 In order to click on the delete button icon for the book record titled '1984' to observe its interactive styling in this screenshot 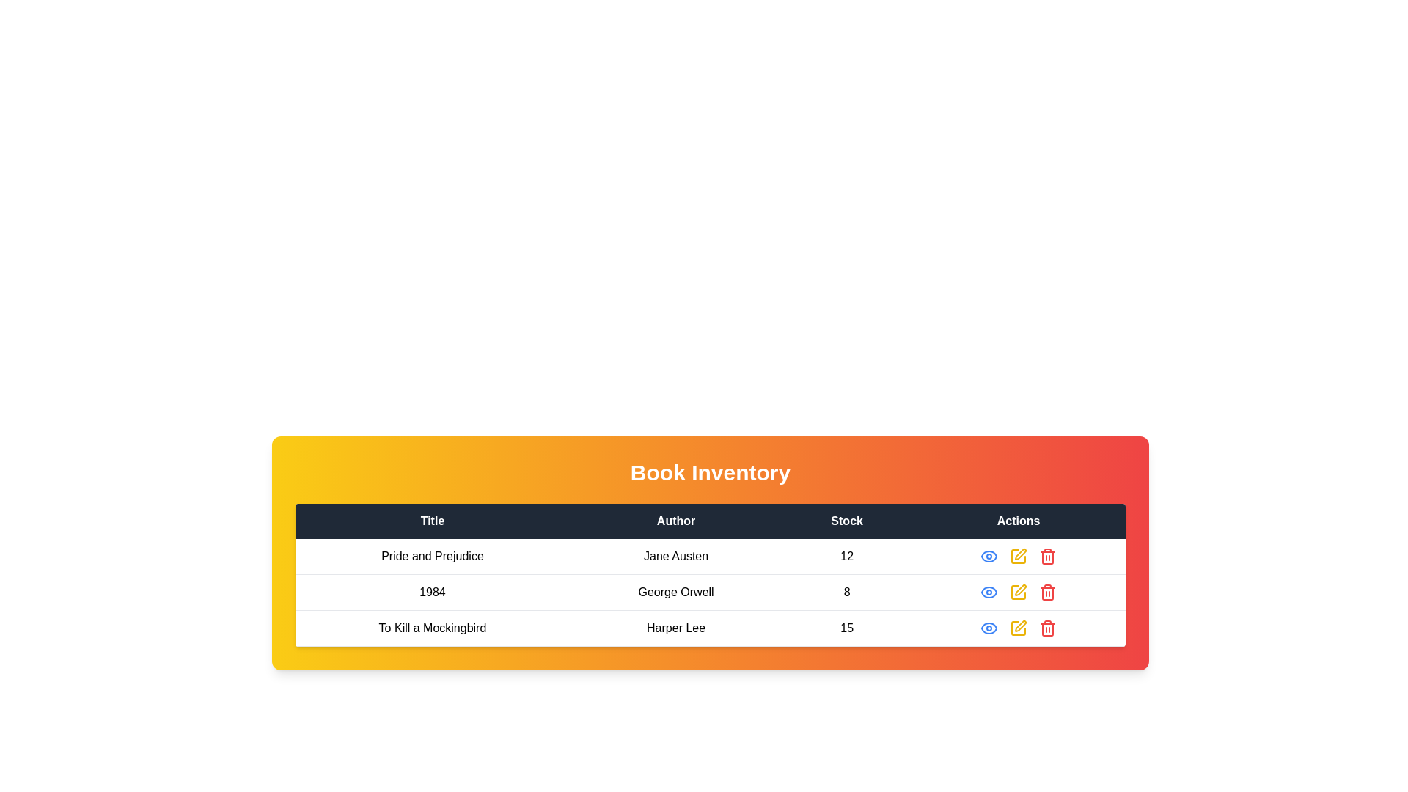, I will do `click(1047, 591)`.